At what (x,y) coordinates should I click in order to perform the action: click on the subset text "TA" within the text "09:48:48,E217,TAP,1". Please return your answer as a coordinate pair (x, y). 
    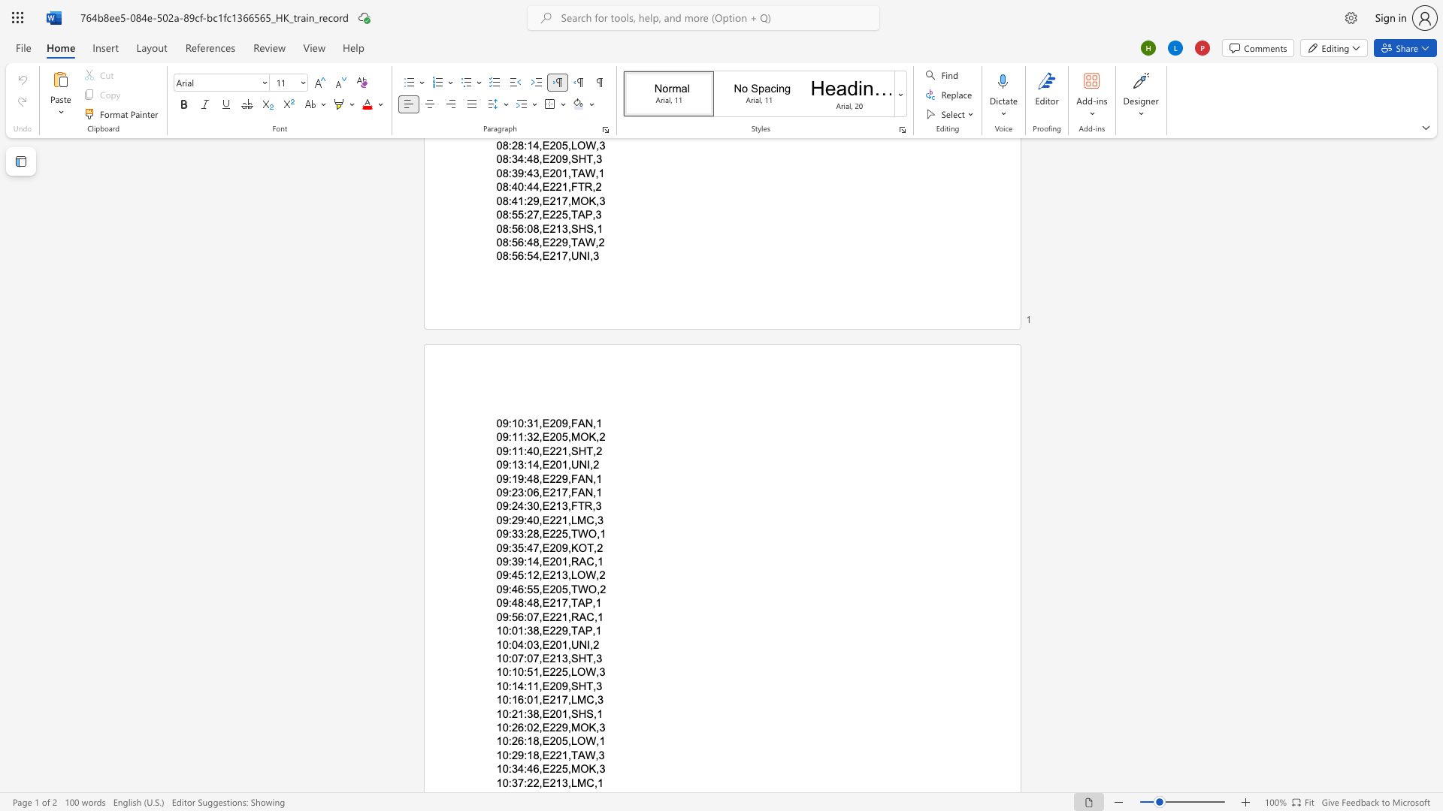
    Looking at the image, I should click on (570, 602).